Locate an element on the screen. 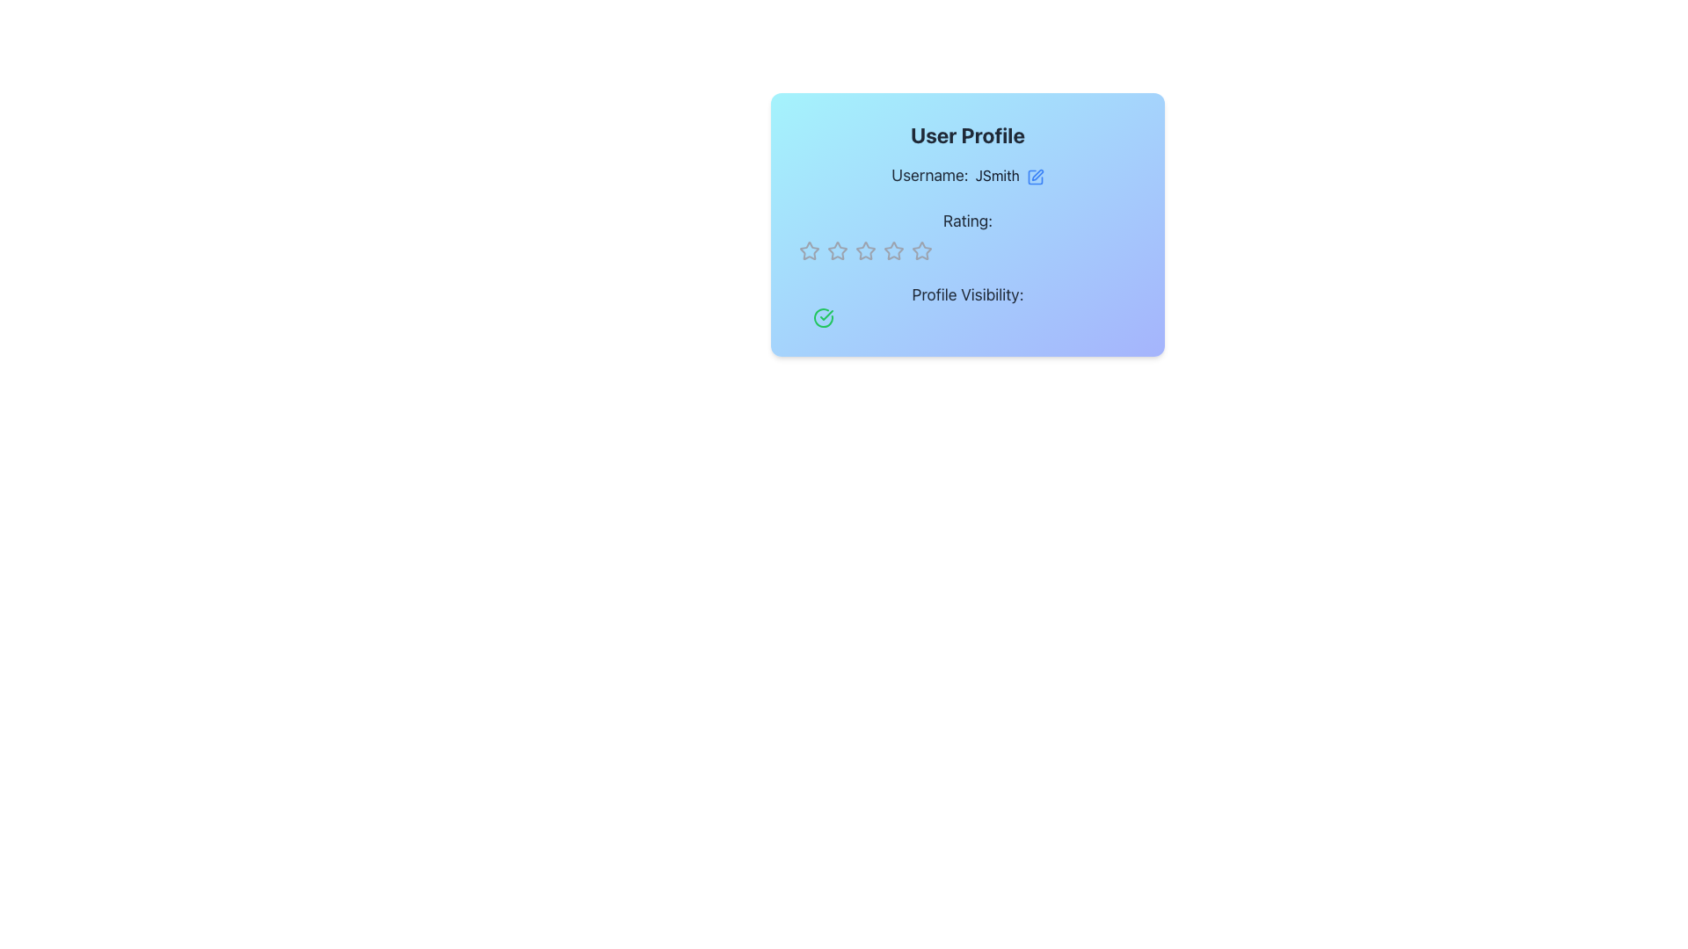 The image size is (1688, 949). the second star in the rating system located under the 'Rating:' label in the 'User Profile' card interface is located at coordinates (837, 250).